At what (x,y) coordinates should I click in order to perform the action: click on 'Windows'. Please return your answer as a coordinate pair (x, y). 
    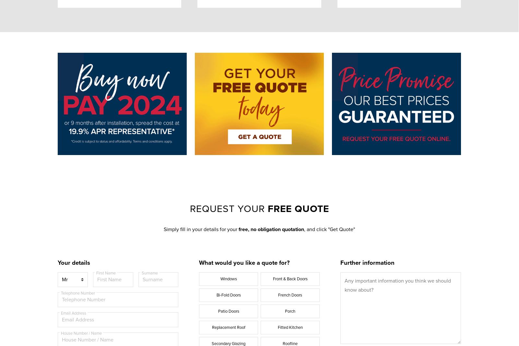
    Looking at the image, I should click on (228, 278).